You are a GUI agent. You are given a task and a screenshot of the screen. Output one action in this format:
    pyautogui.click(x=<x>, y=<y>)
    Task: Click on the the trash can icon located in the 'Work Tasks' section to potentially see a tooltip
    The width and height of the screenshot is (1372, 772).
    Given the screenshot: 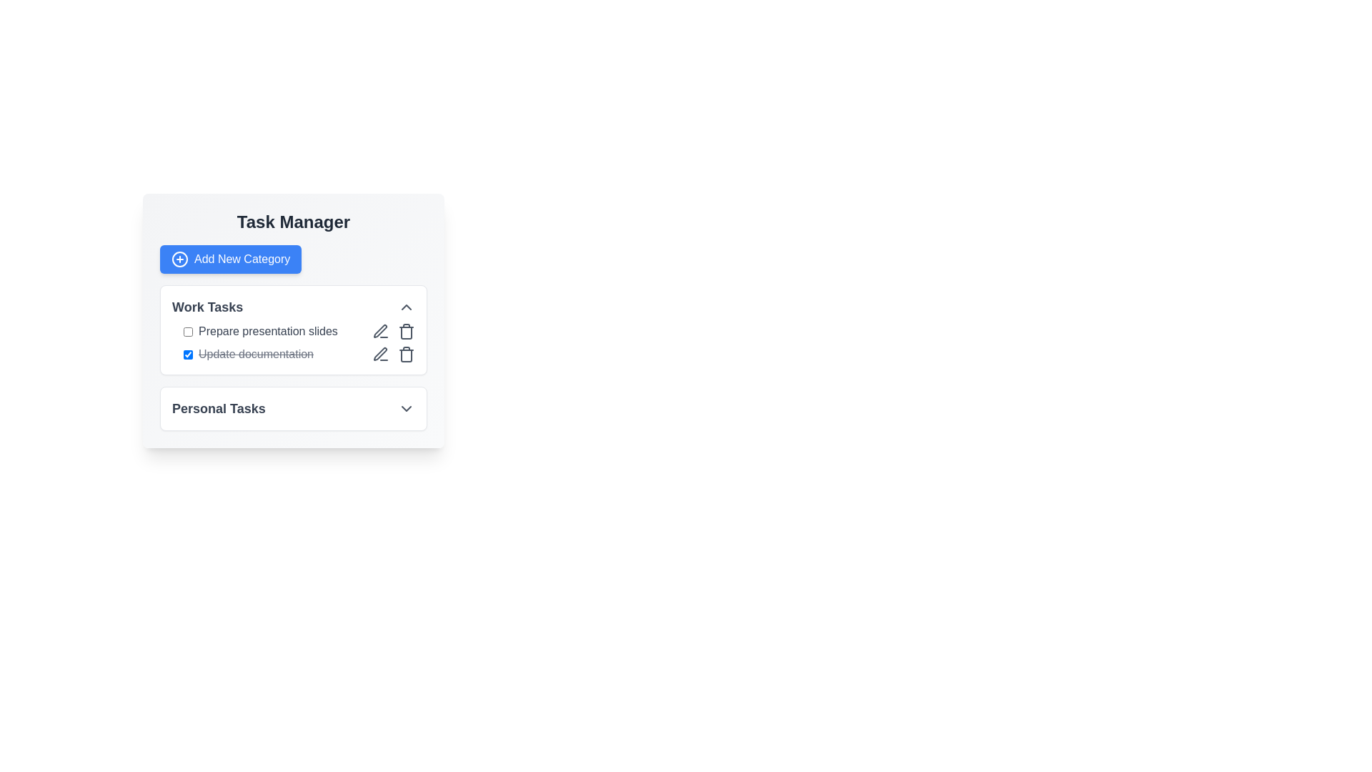 What is the action you would take?
    pyautogui.click(x=406, y=333)
    